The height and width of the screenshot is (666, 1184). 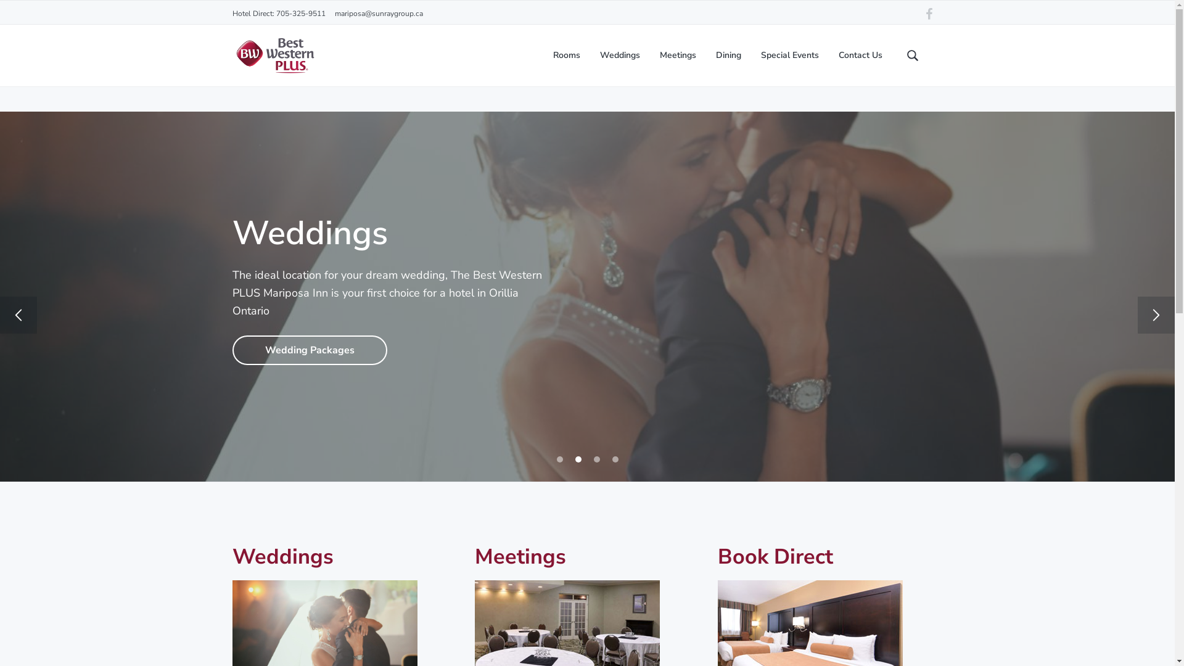 I want to click on '1', so click(x=559, y=459).